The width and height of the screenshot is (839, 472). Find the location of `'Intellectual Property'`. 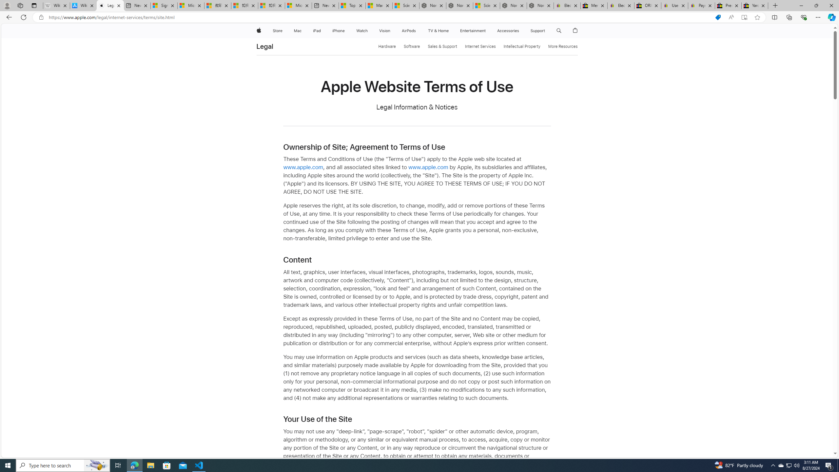

'Intellectual Property' is located at coordinates (521, 46).